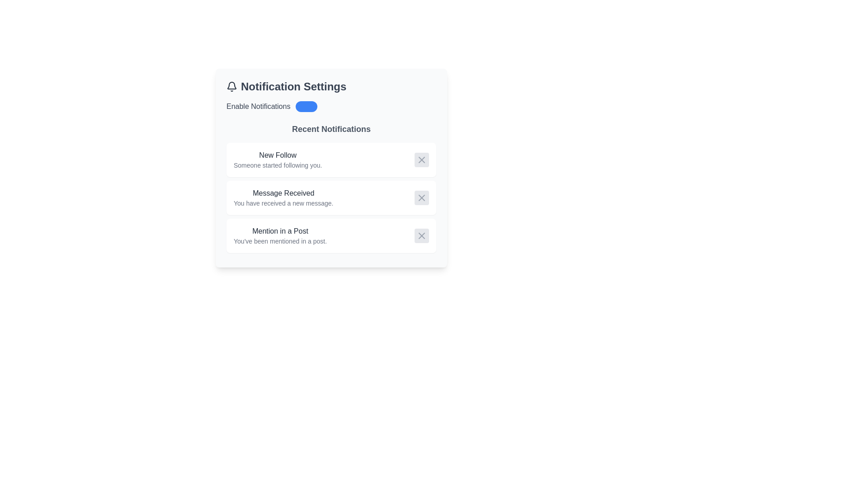  Describe the element at coordinates (279, 235) in the screenshot. I see `the notification titled 'Mention in a Post' which is the third entry in the 'Recent Notifications' list` at that location.